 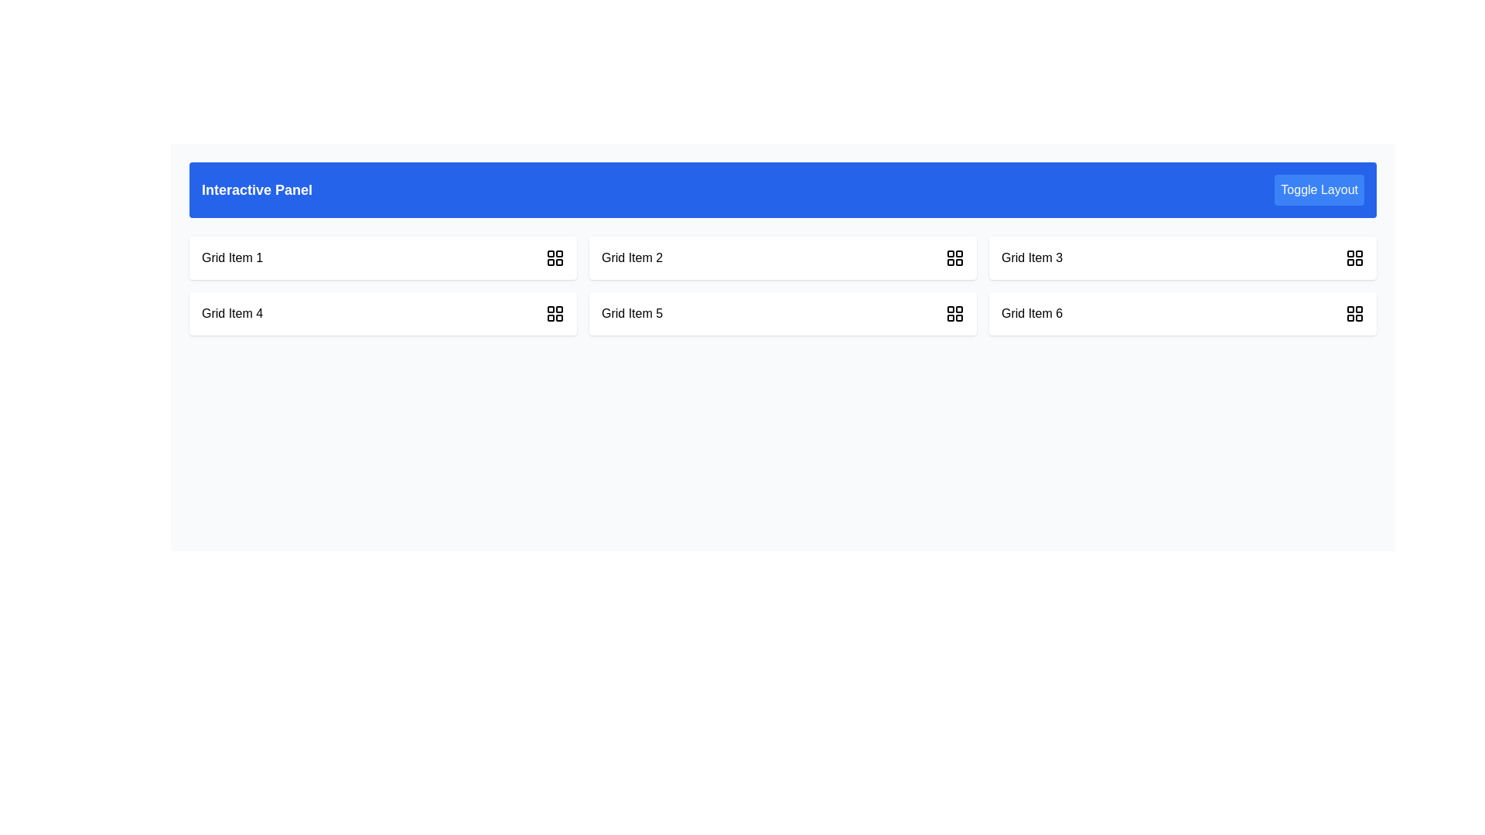 What do you see at coordinates (954, 313) in the screenshot?
I see `the grid icon with four square blocks arranged in a 2x2 pattern, located next to the text 'Grid Item 5'` at bounding box center [954, 313].